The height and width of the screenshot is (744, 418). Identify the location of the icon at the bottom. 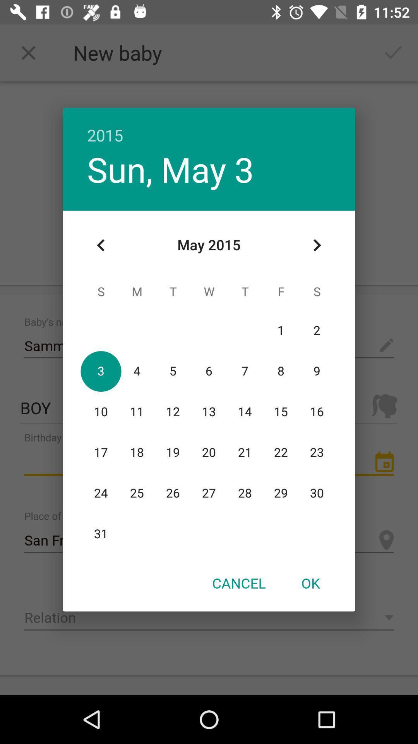
(238, 583).